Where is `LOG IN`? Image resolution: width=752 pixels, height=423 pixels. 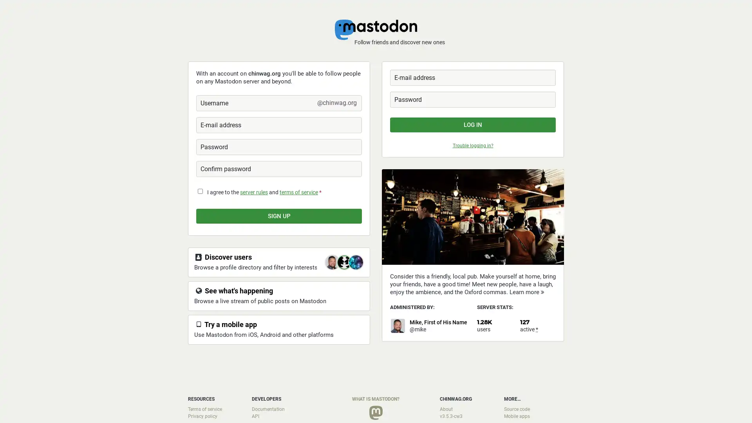 LOG IN is located at coordinates (472, 125).